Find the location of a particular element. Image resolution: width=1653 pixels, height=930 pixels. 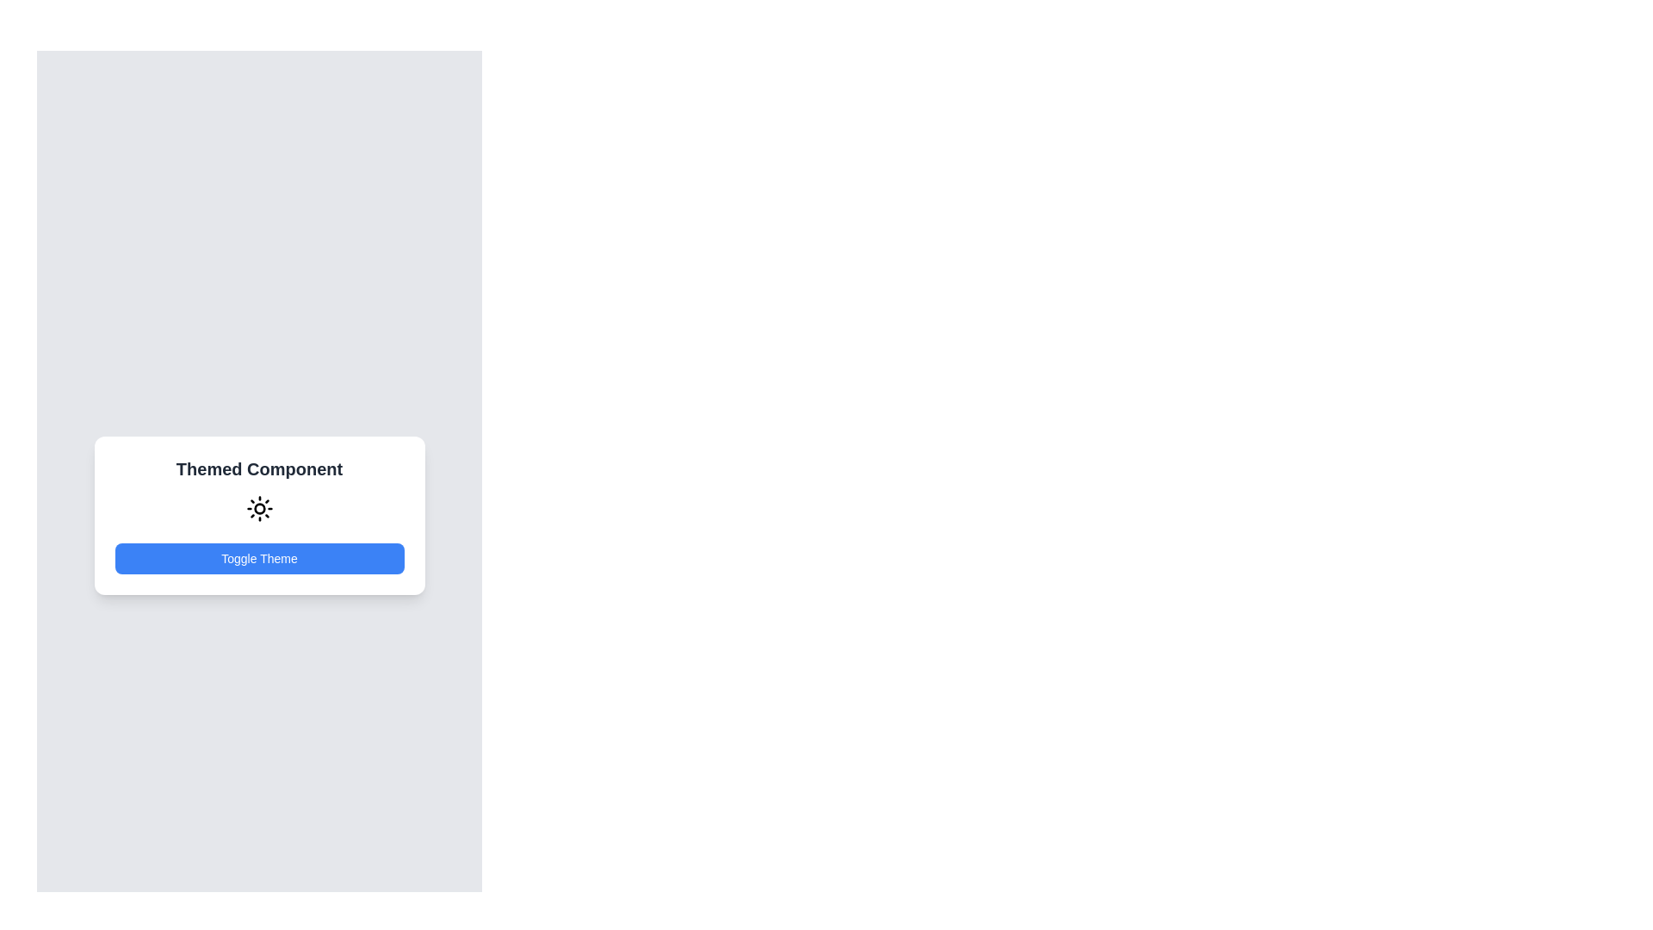

the central circular element of the sun-like SVG icon, which has a red fill and is located directly above the 'Toggle Theme' button is located at coordinates (258, 507).